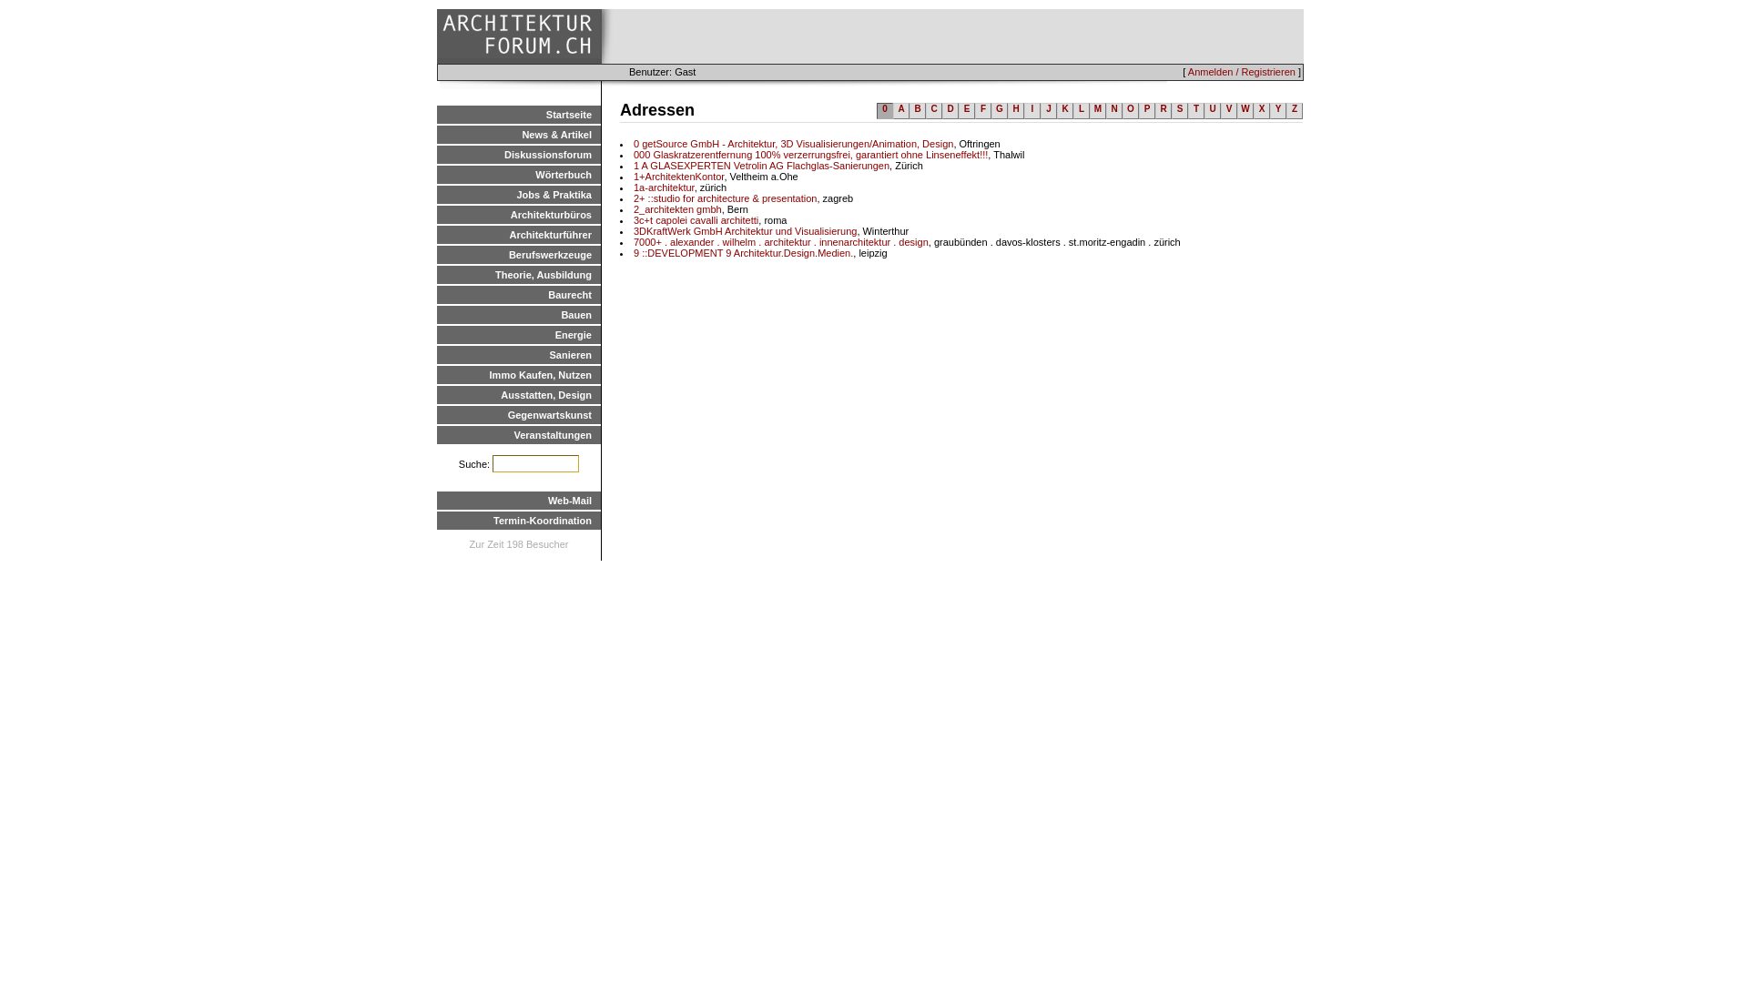  I want to click on 'News & Artikel', so click(518, 133).